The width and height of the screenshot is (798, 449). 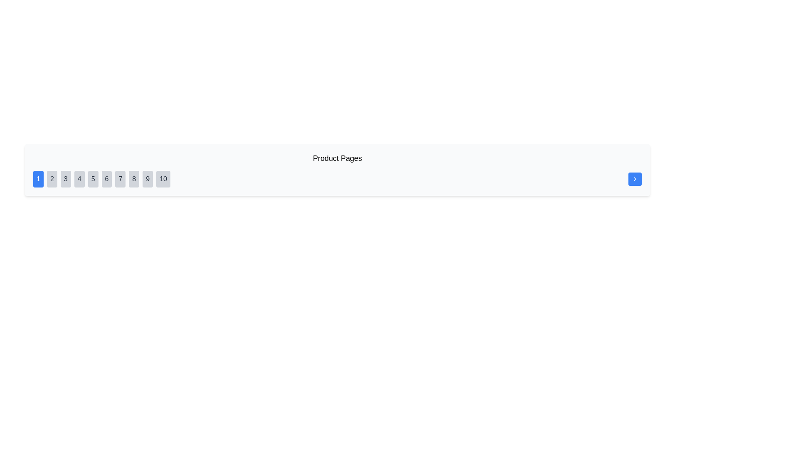 I want to click on the fourth button displaying the number '4', which is a rectangular button with rounded corners, so click(x=79, y=179).